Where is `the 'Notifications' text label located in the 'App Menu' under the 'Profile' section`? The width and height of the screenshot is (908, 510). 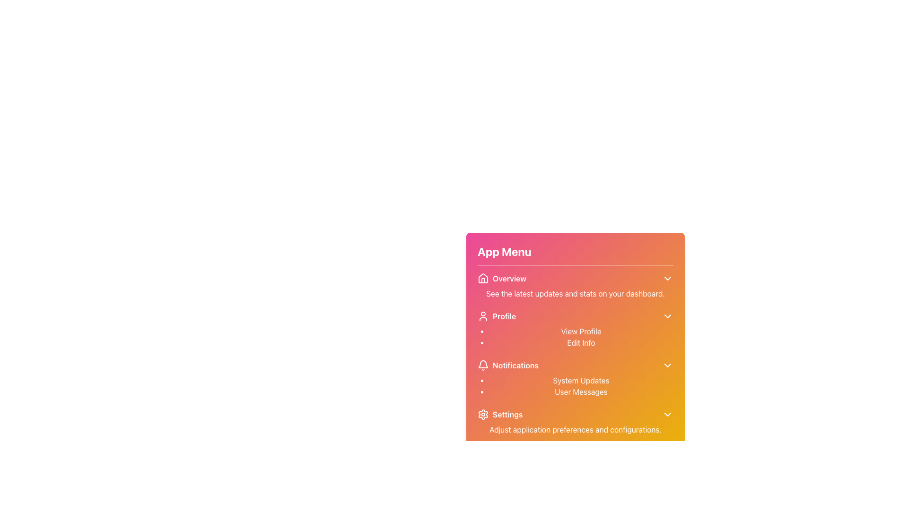 the 'Notifications' text label located in the 'App Menu' under the 'Profile' section is located at coordinates (515, 365).